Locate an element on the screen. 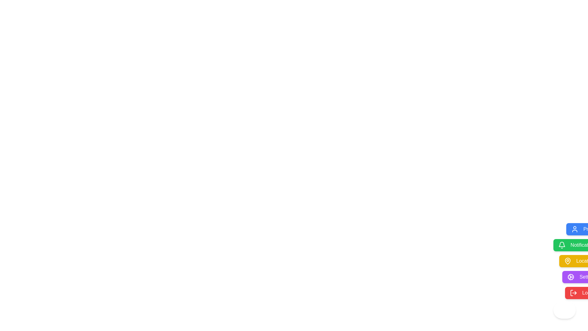  the blue rectangular button labeled 'Profile' that contains the user icon on the left side is located at coordinates (574, 229).